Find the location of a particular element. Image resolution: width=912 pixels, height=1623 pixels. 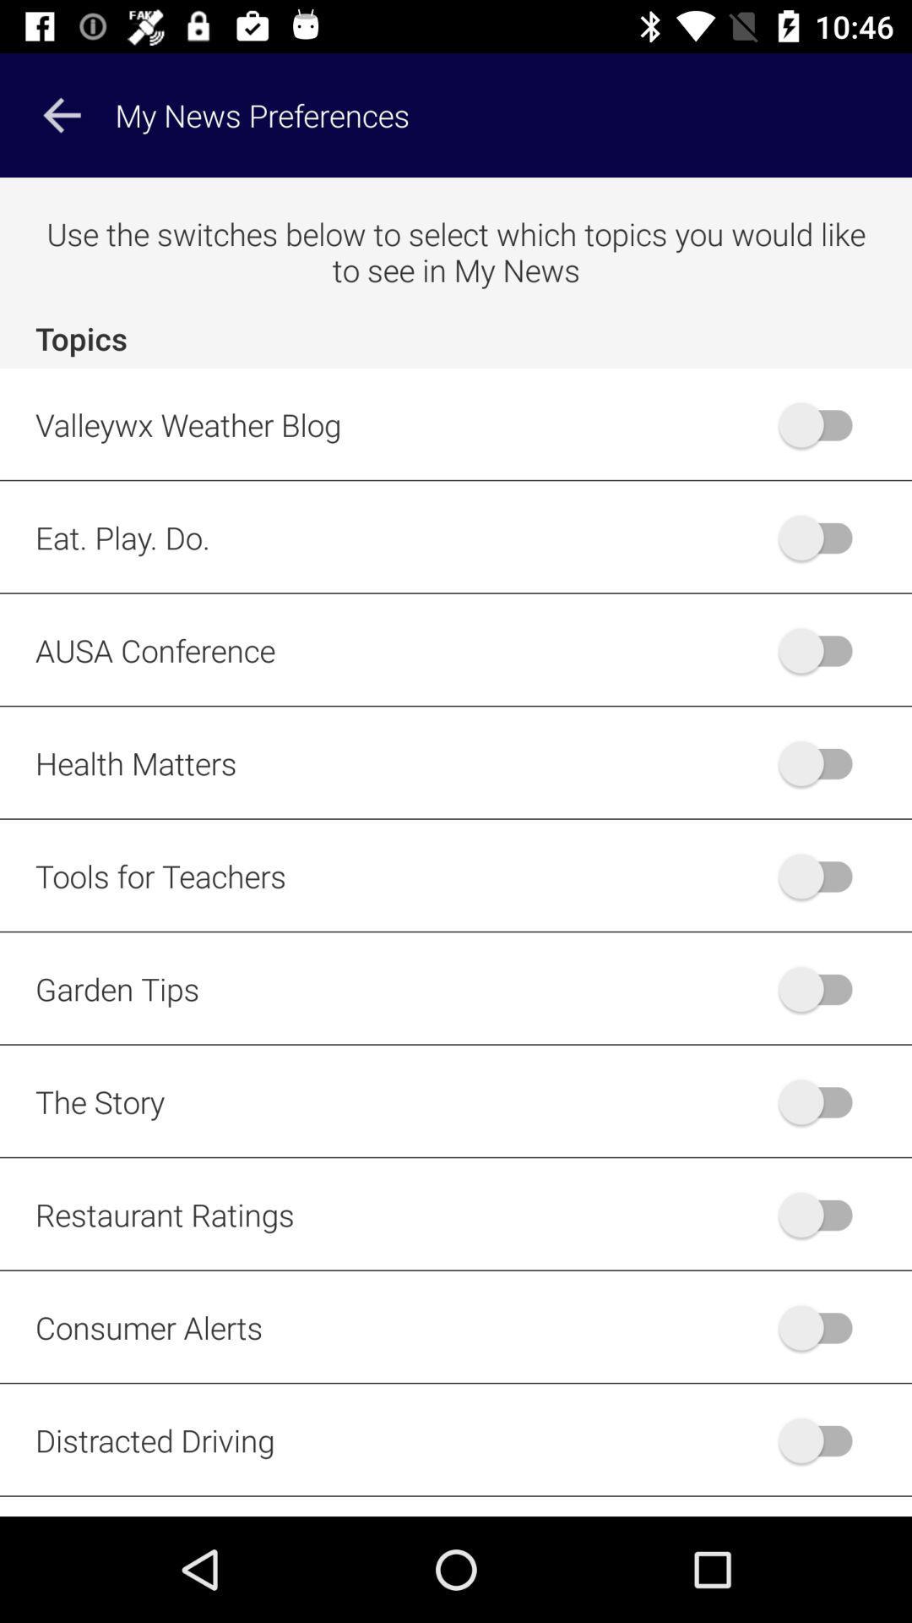

the icon at the top left corner is located at coordinates (61, 114).